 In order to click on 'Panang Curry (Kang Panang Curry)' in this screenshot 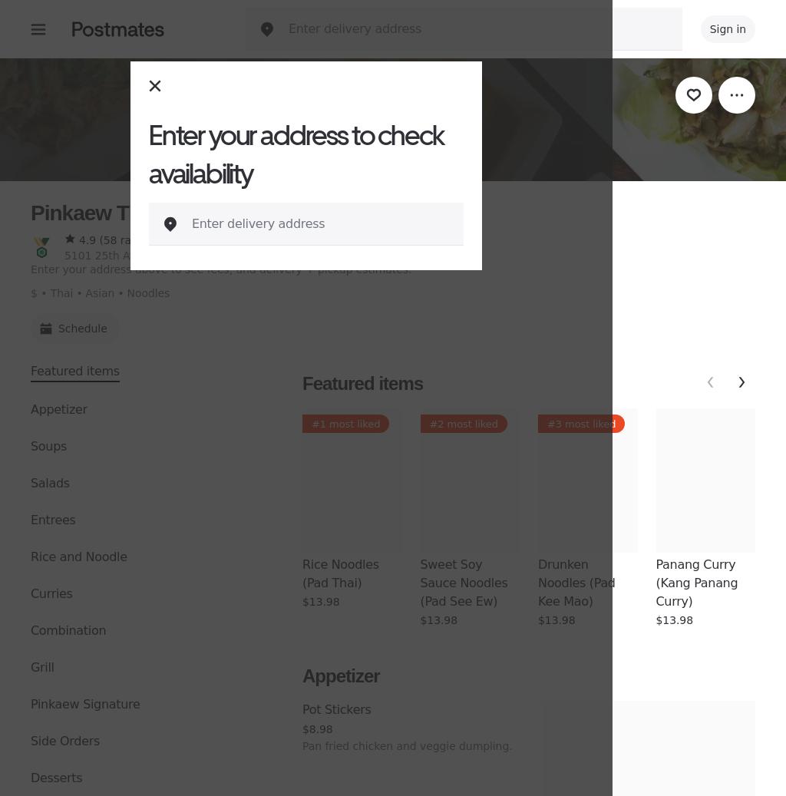, I will do `click(656, 583)`.